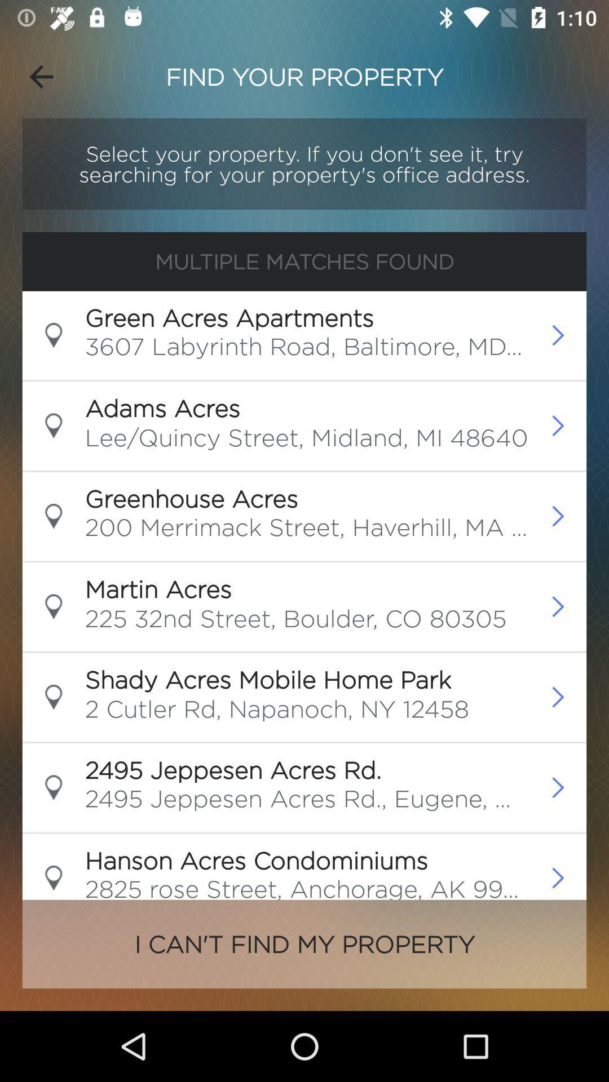 This screenshot has width=609, height=1082. Describe the element at coordinates (295, 620) in the screenshot. I see `the 225 32nd street` at that location.